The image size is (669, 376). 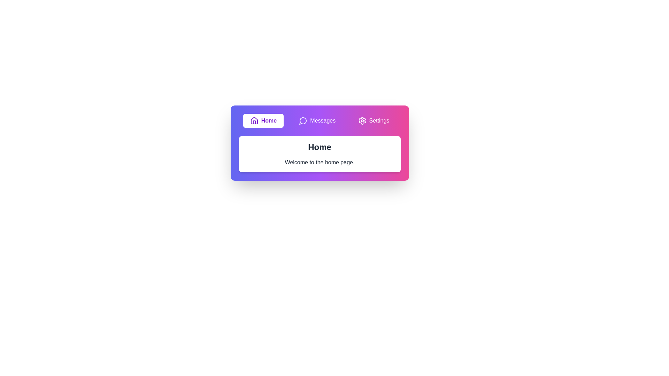 I want to click on the 'Messages' text label, which is displayed in white font against a gradient purple and pink background, so click(x=322, y=120).